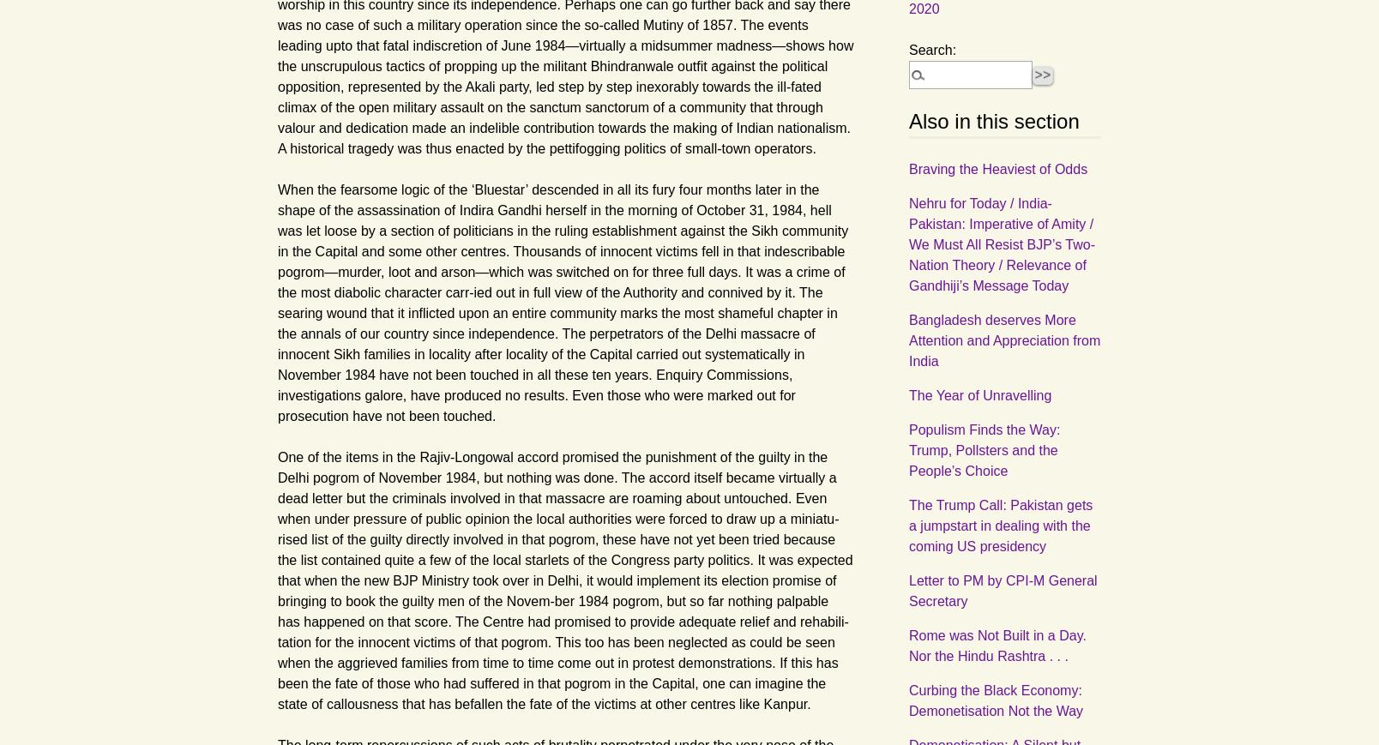  Describe the element at coordinates (563, 301) in the screenshot. I see `'When the fearsome logic of the ‘Bluestar’ descended in all its fury four months later in the shape of the assassination of Indira Gandhi herself in the morning of October 31, 1984, hell was let loose by a section of politicians in the ruling establishment against the Sikh community in the Capital and some other centres. Thousands of innocent victims fell in that indescribable pogrom—murder, loot and arson—which was switched on for three full days. It was a crime of the most diabolic character carr-ied out in full view of the Authority and connived by it. The searing wound that it inflicted upon an entire community marks the most shameful chapter in the annals of our country since independence. The perpetrators of the Delhi massacre of innocent Sikh families in locality after locality of the Capital carried out systematically in November 1984 have not been touched in all these ten years. Enquiry Commissions, investigations galore, have produced no results. Even those who were marked out for prosecution have not been touched.'` at that location.